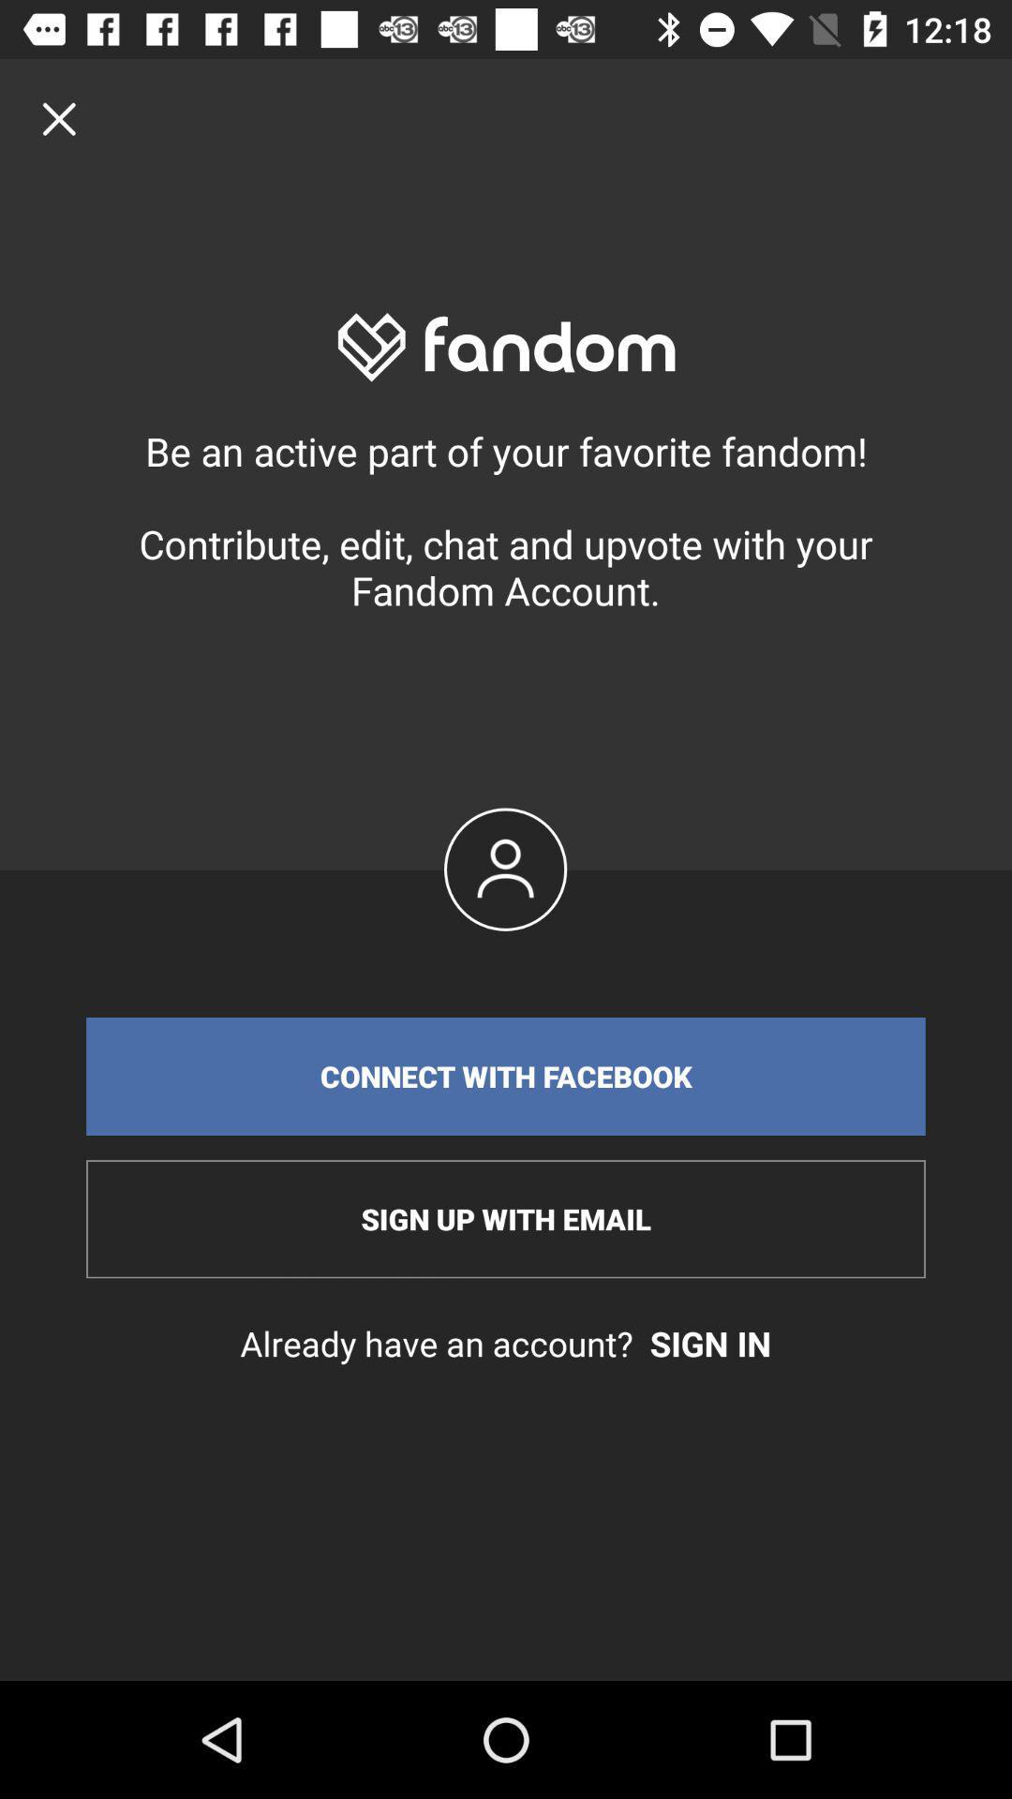 The image size is (1012, 1799). I want to click on the item above be an active, so click(58, 117).